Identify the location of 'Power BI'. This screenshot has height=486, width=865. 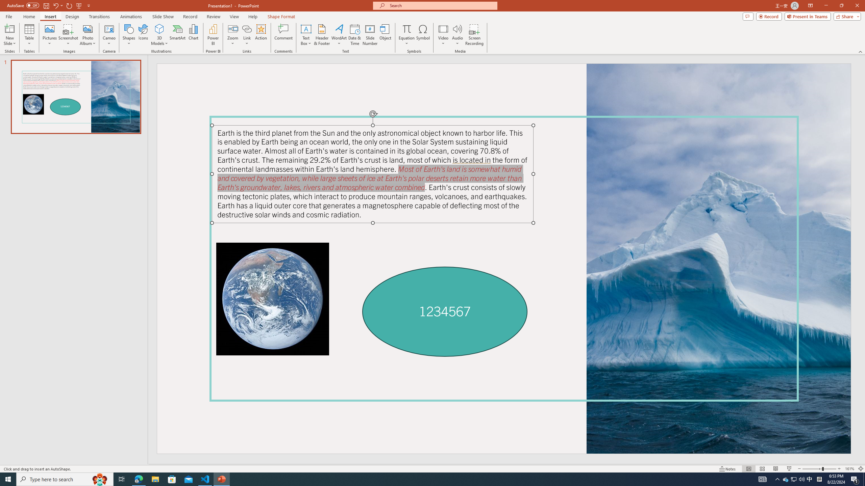
(213, 35).